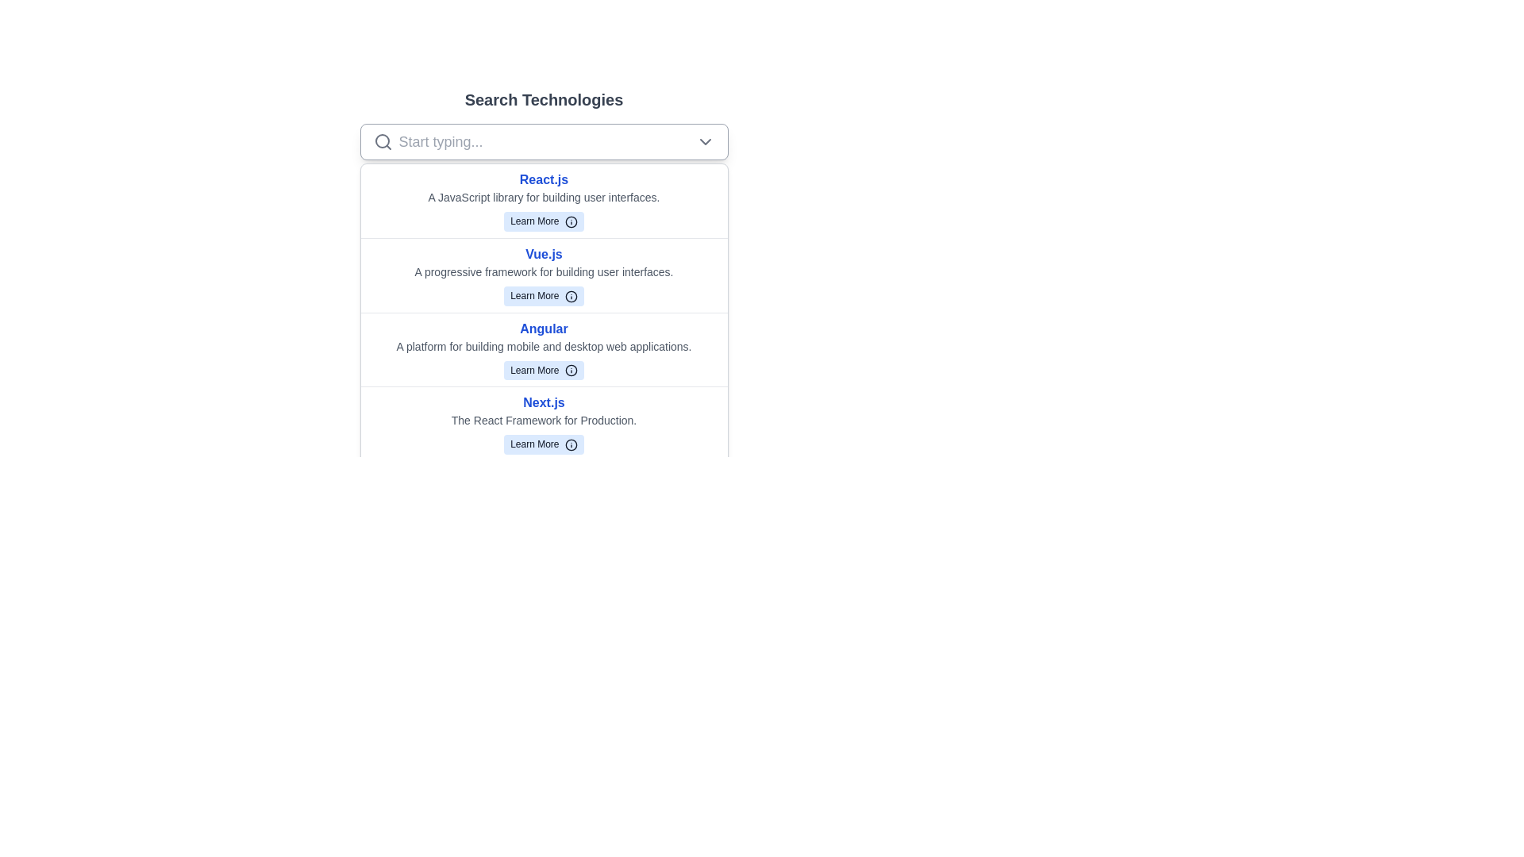 The width and height of the screenshot is (1524, 857). Describe the element at coordinates (571, 221) in the screenshot. I see `the conceptual icon located at the far right of the 'Learn More' button underneath the 'React.js' section, which serves as a visual indicator for additional information` at that location.